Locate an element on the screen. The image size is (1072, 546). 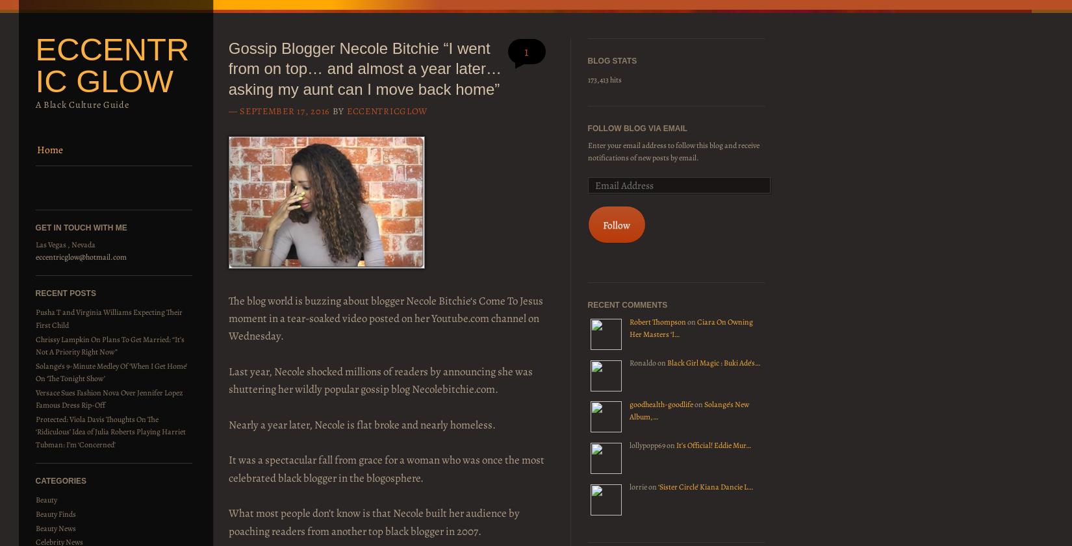
'Beauty Finds' is located at coordinates (55, 513).